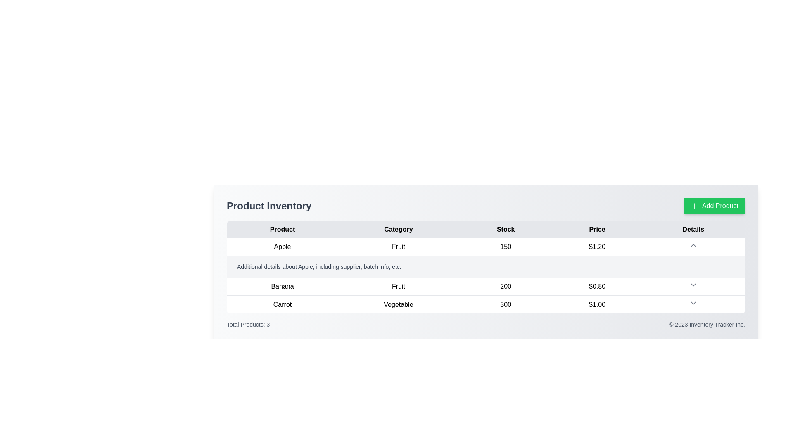 The height and width of the screenshot is (446, 793). I want to click on the text label displaying 'Carrot' in bold black font, which is the first element in the product data table, so click(282, 304).